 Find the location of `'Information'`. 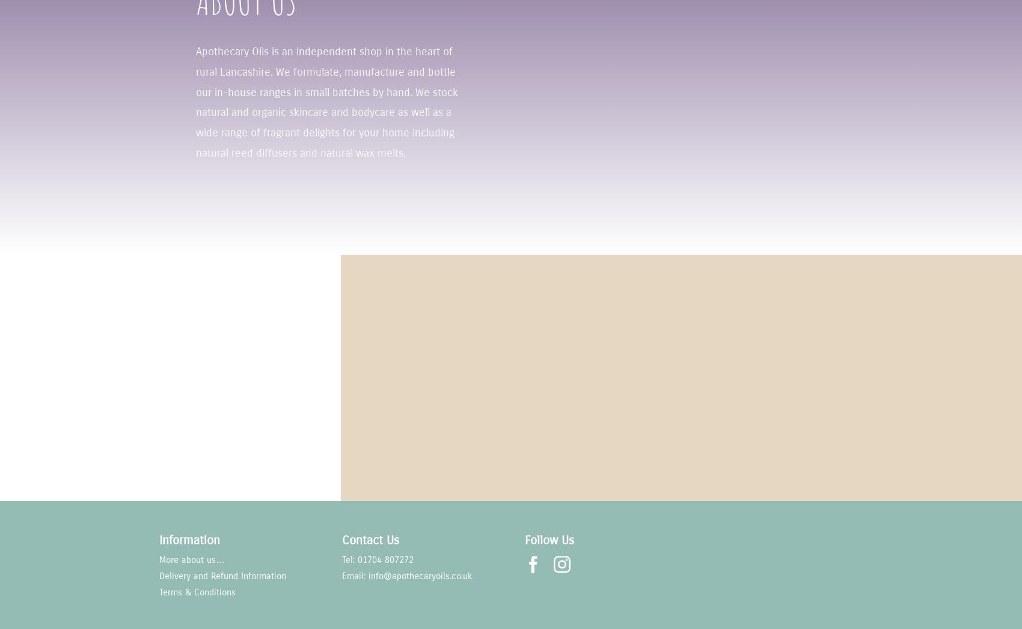

'Information' is located at coordinates (189, 539).